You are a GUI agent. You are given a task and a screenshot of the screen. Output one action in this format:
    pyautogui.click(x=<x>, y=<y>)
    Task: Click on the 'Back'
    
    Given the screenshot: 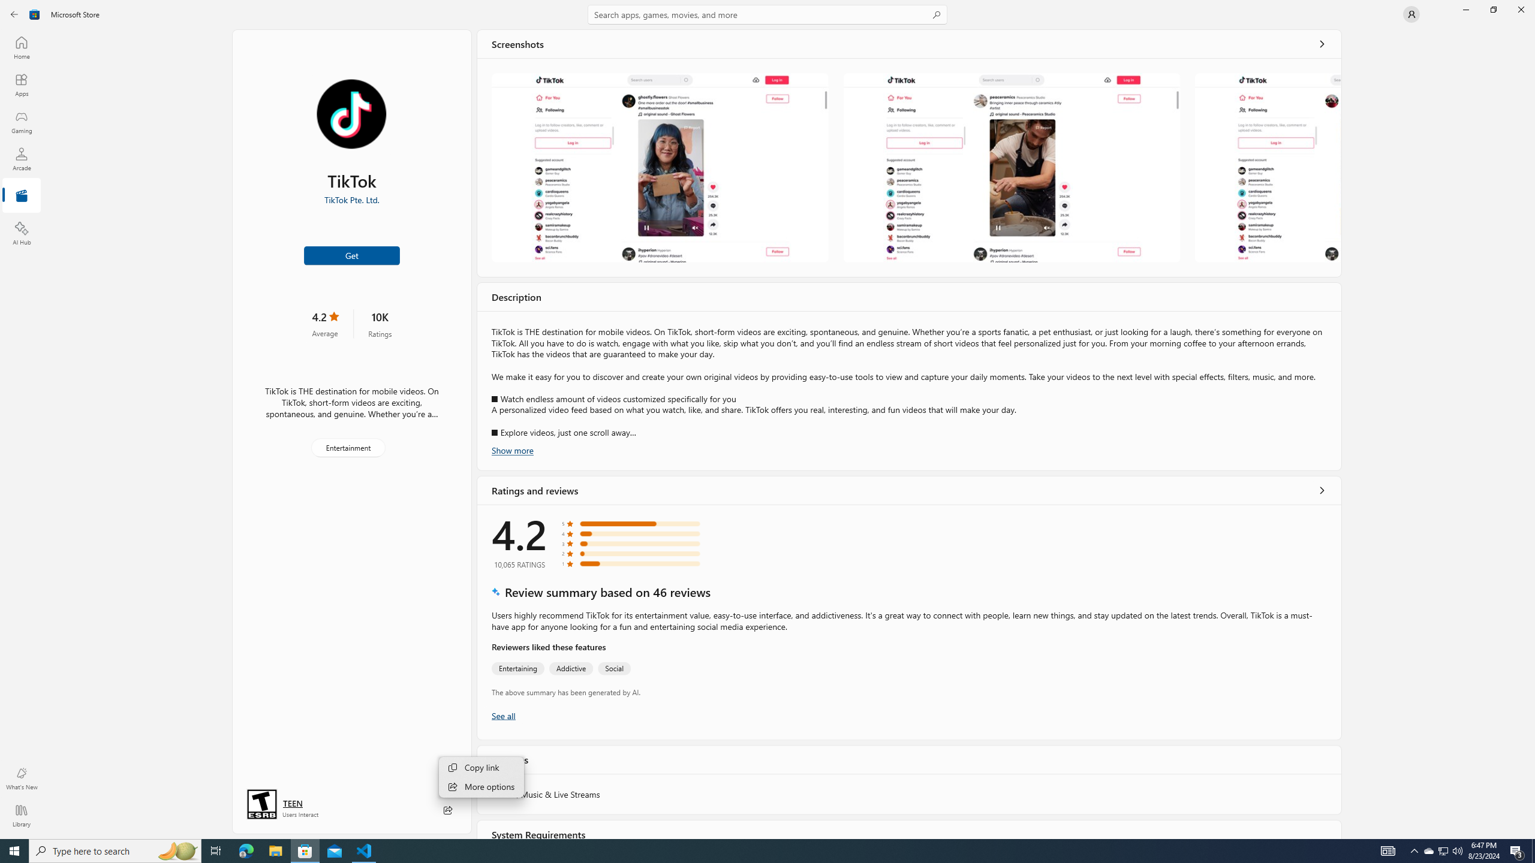 What is the action you would take?
    pyautogui.click(x=14, y=13)
    